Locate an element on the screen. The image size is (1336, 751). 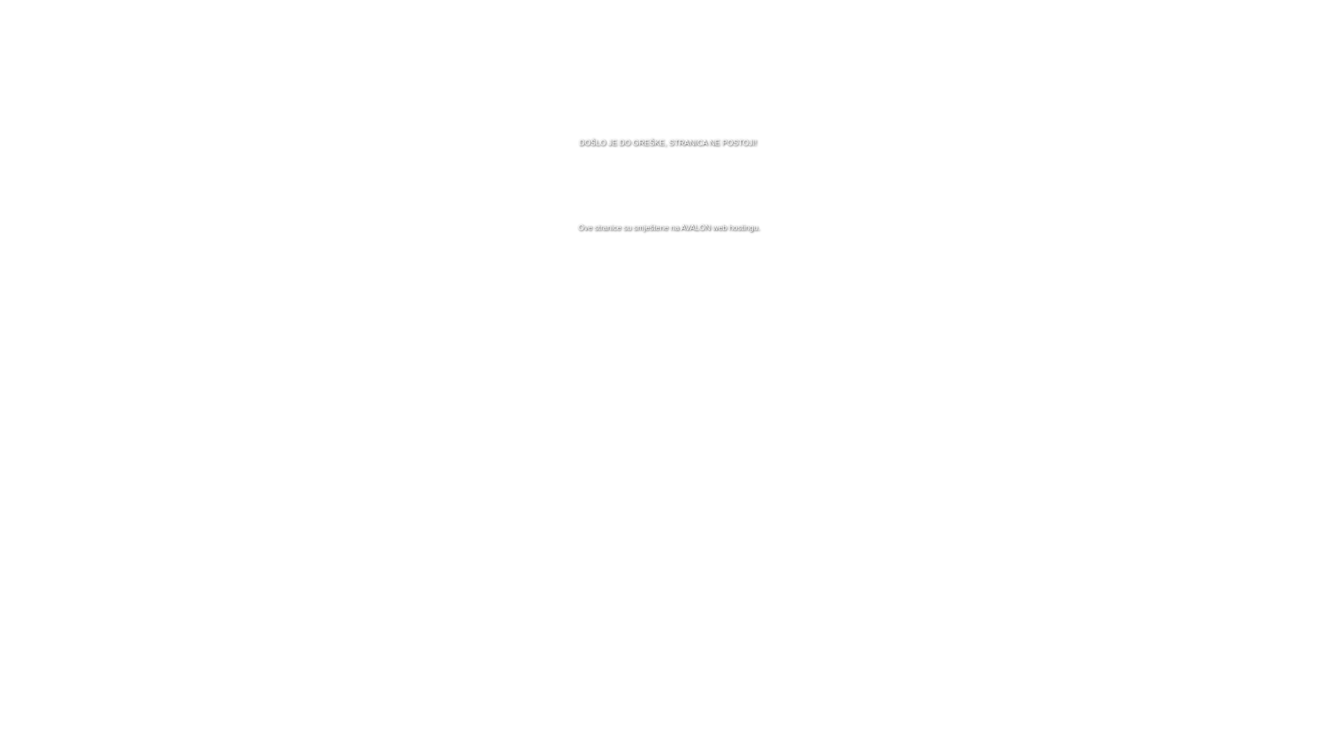
'AVALON web hostingu' is located at coordinates (719, 227).